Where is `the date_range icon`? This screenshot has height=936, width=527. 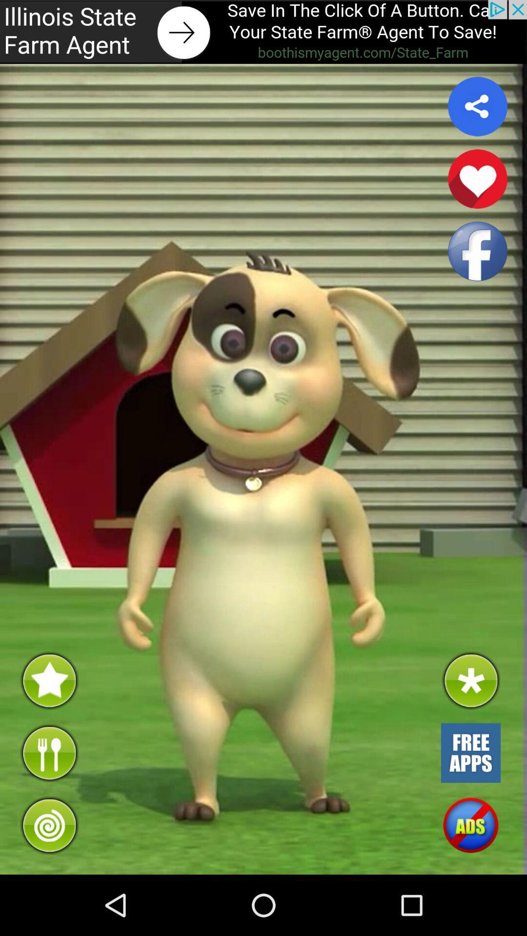 the date_range icon is located at coordinates (470, 806).